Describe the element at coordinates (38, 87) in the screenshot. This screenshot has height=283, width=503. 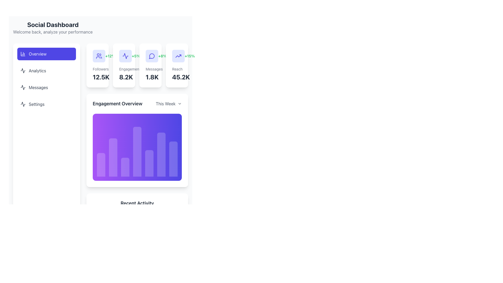
I see `the 'Messages' text label located in the vertical navigation menu, positioned below 'Analytics' and above 'Settings'` at that location.